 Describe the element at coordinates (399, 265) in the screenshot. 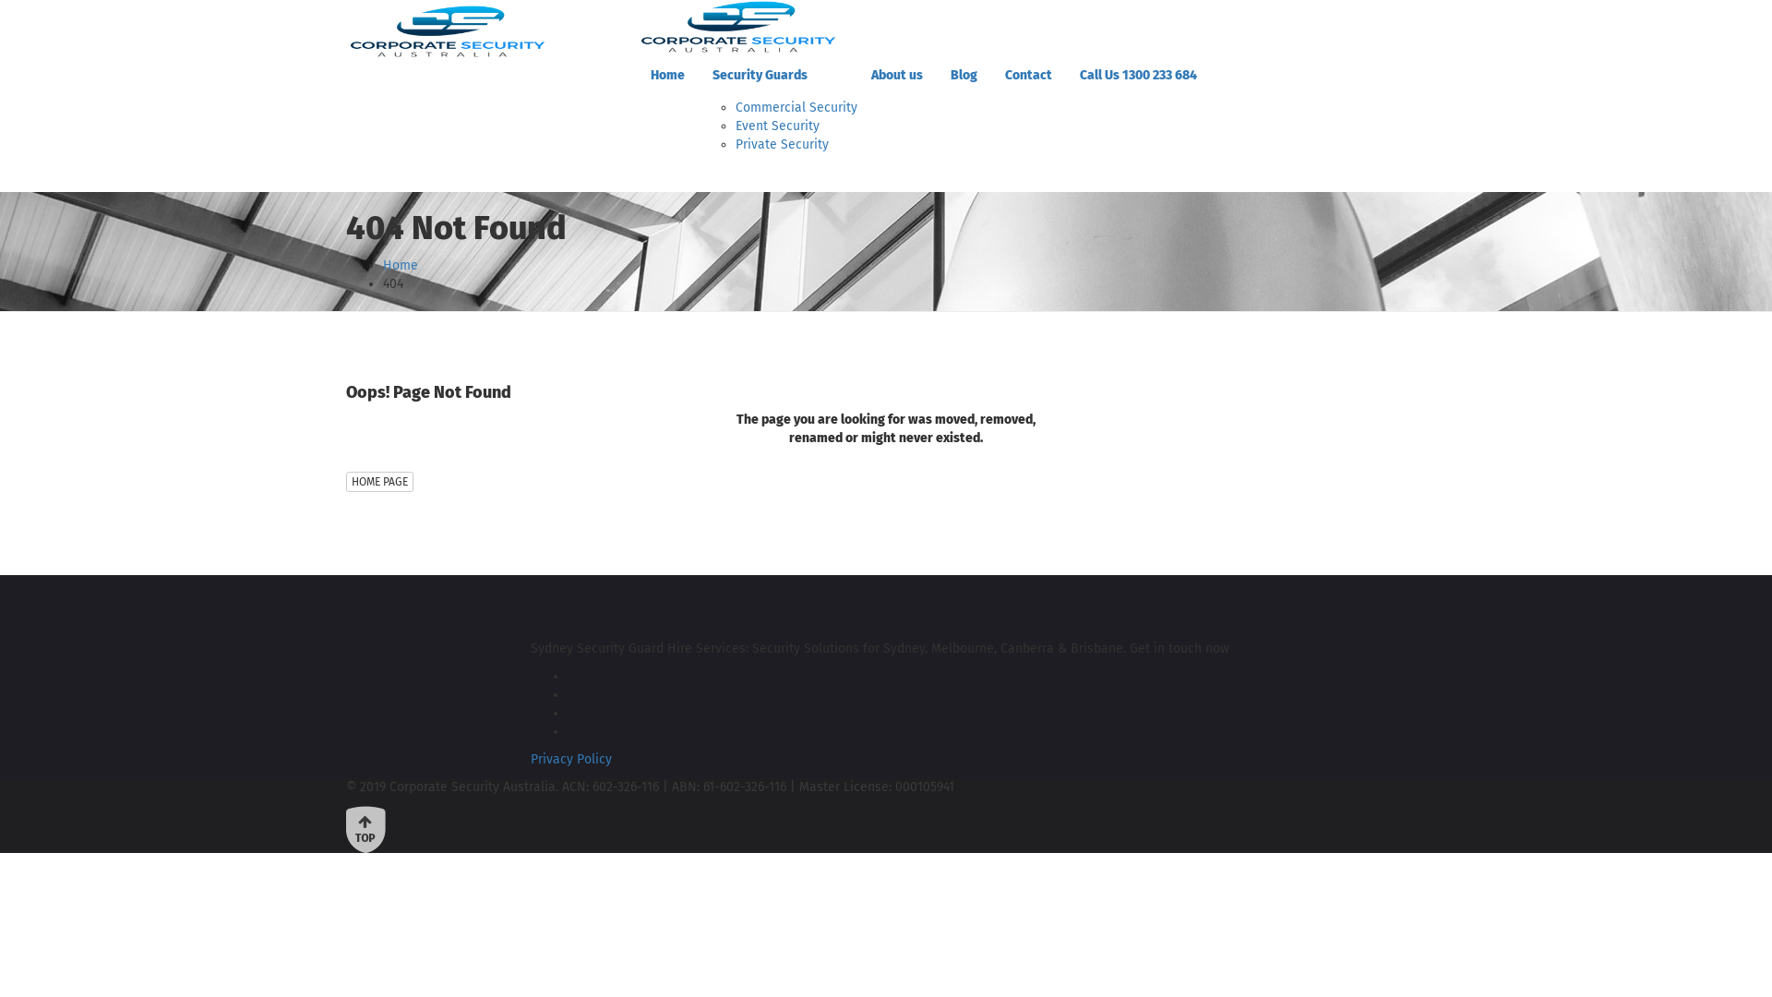

I see `'Home'` at that location.